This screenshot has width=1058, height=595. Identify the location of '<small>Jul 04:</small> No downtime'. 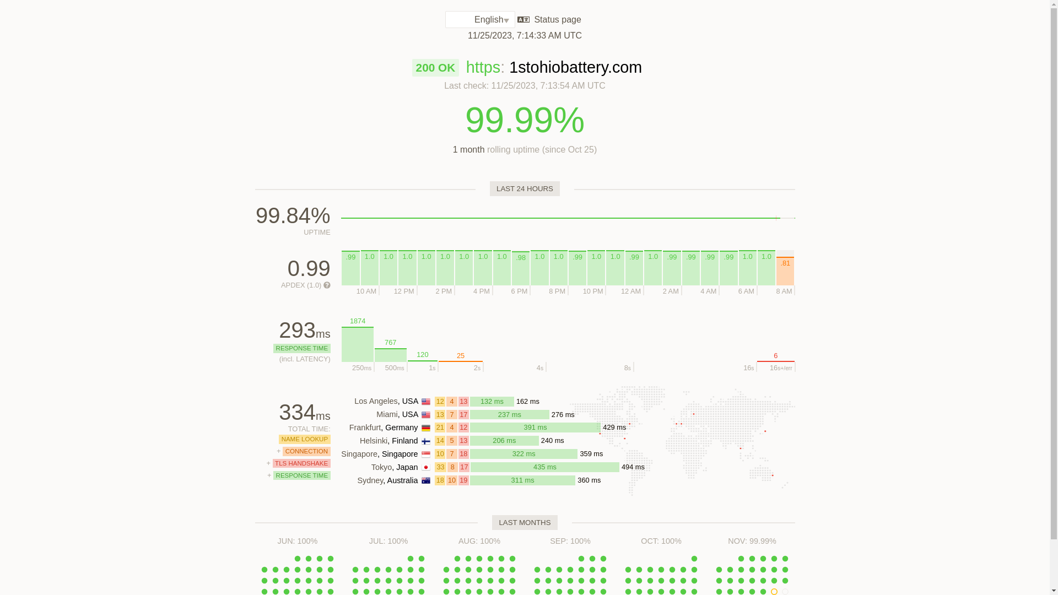
(366, 569).